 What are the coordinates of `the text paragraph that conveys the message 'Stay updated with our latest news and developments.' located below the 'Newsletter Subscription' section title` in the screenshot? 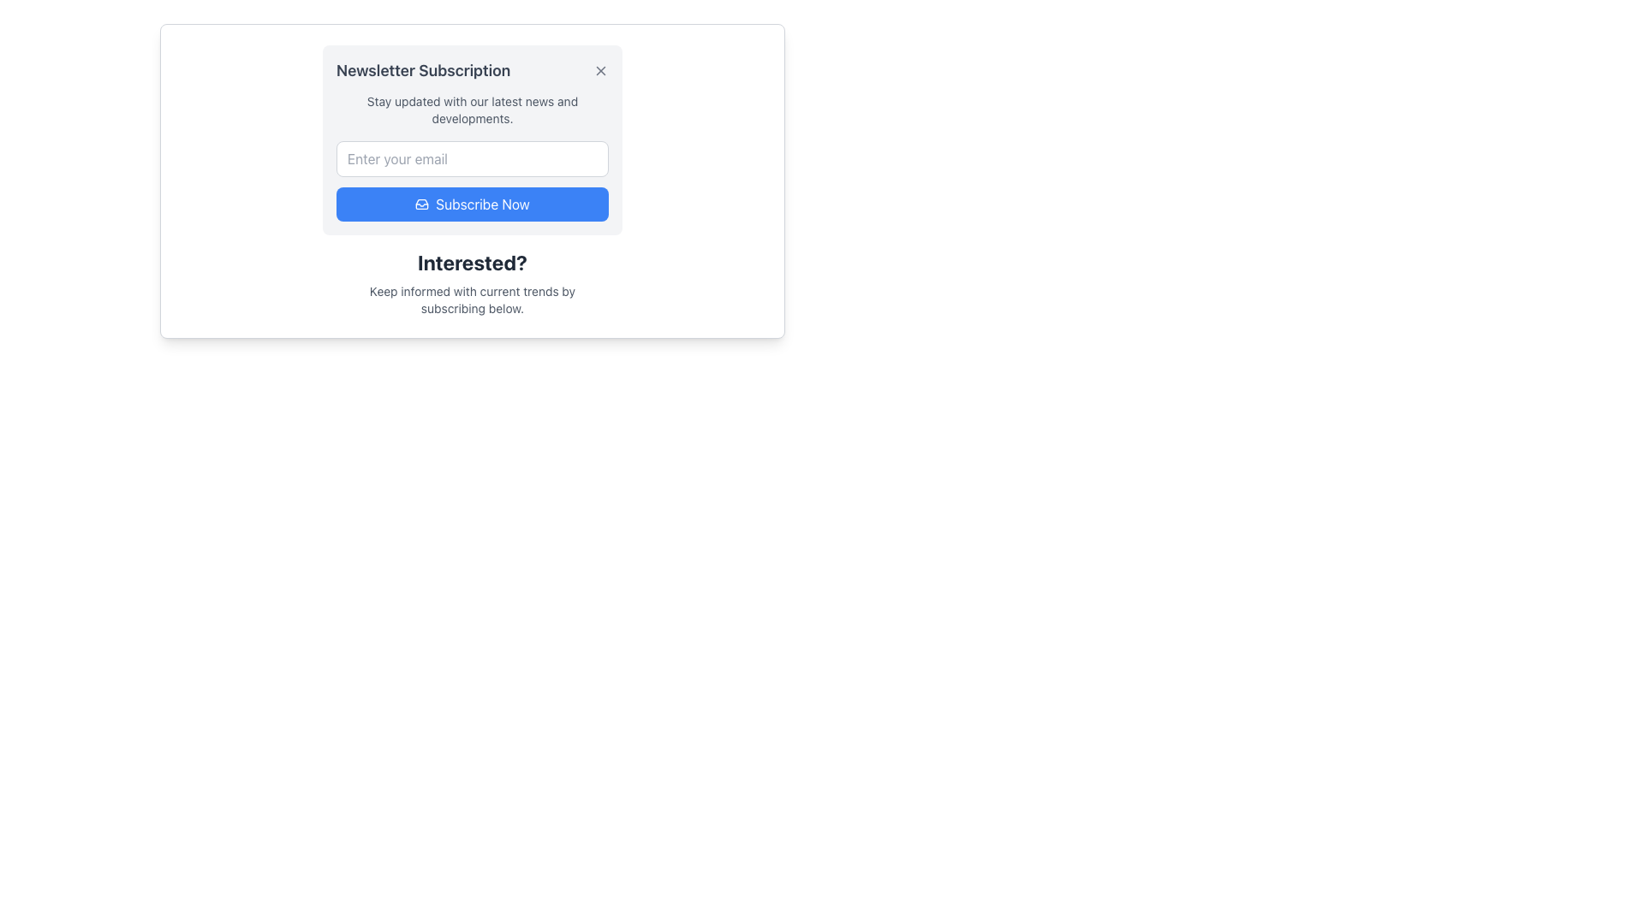 It's located at (473, 110).